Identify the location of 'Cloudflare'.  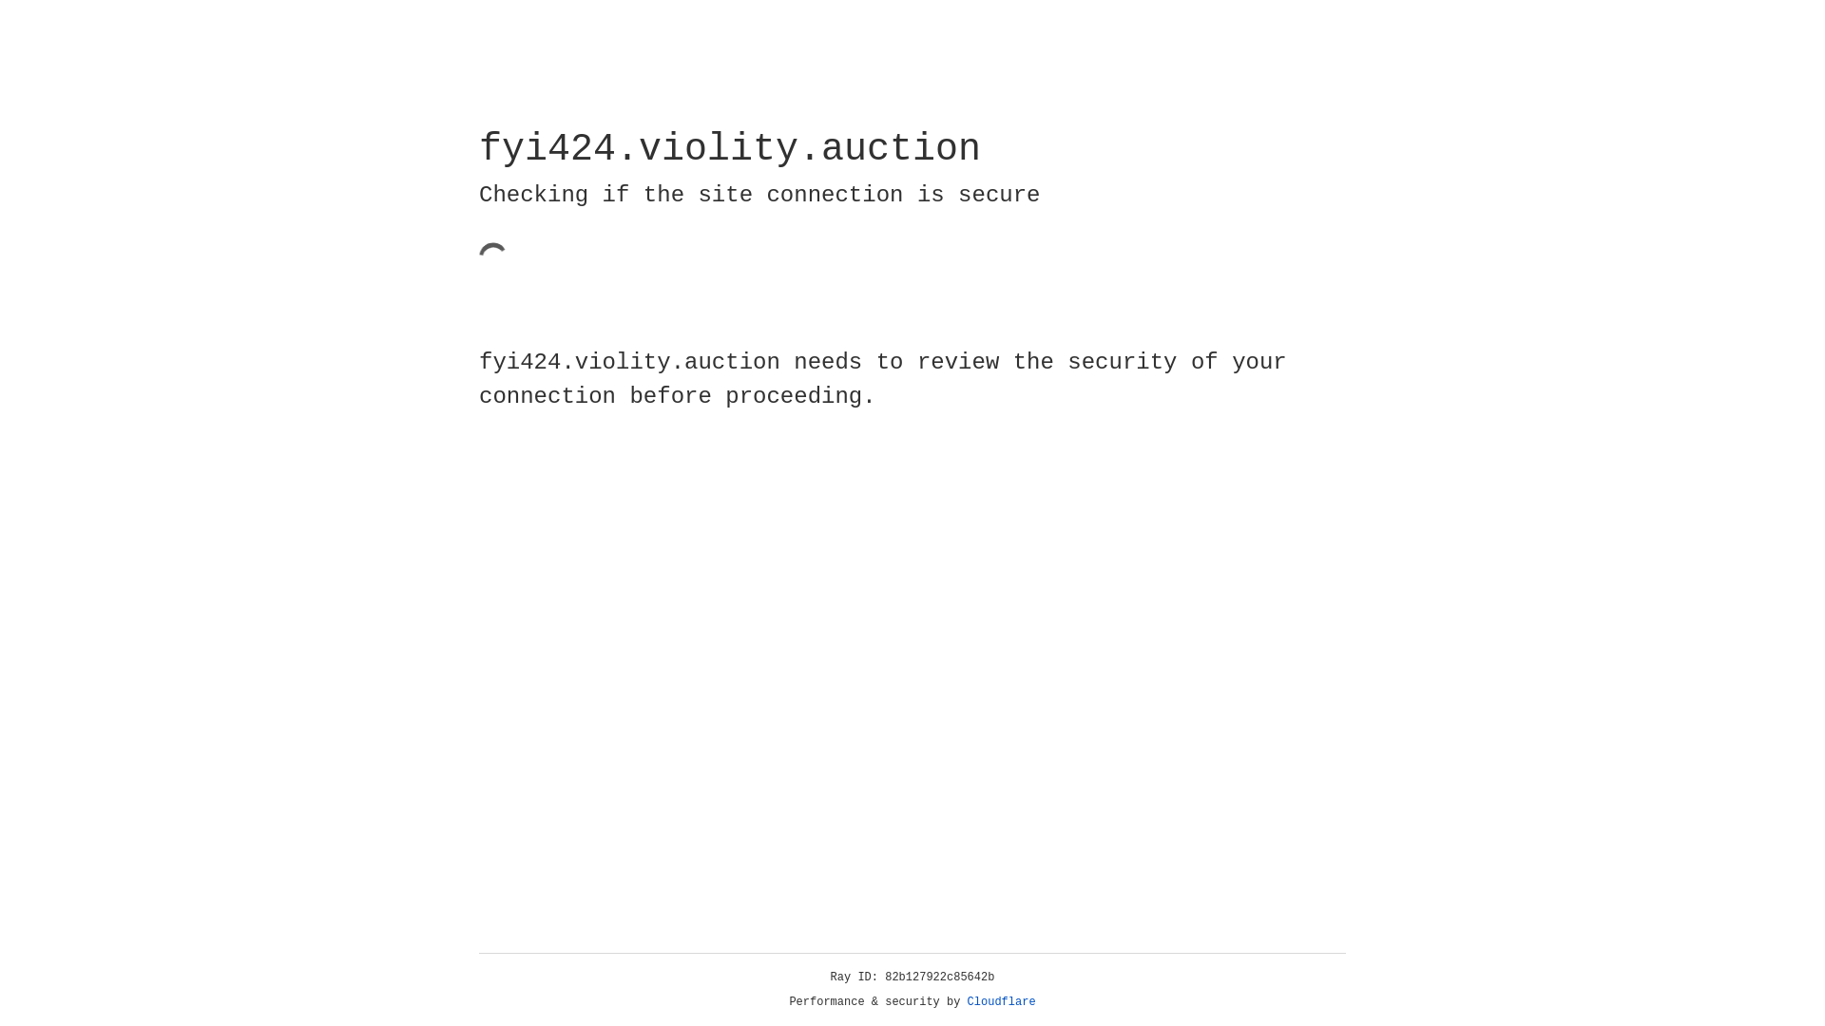
(1001, 1001).